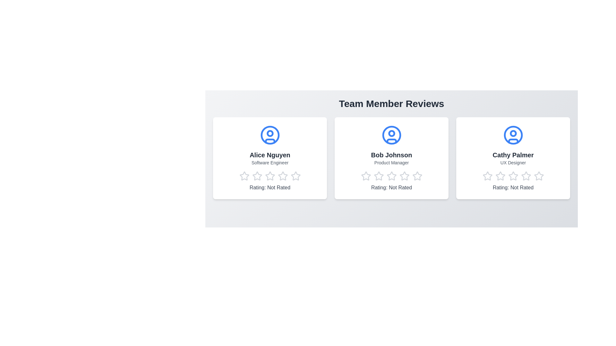 The height and width of the screenshot is (346, 616). Describe the element at coordinates (391, 158) in the screenshot. I see `the card of the team member Bob Johnson to view their details` at that location.